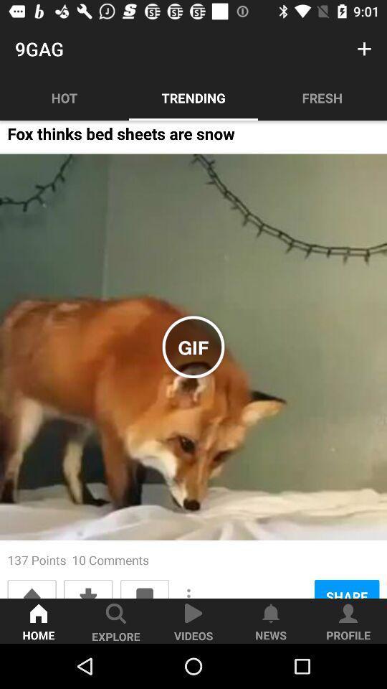 This screenshot has width=387, height=689. I want to click on the icon below the fox thinks bed item, so click(193, 346).